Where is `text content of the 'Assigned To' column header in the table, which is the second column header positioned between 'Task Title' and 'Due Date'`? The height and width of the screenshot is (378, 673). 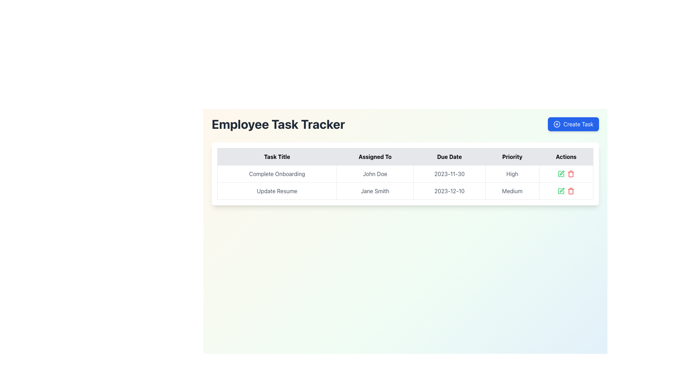 text content of the 'Assigned To' column header in the table, which is the second column header positioned between 'Task Title' and 'Due Date' is located at coordinates (375, 156).